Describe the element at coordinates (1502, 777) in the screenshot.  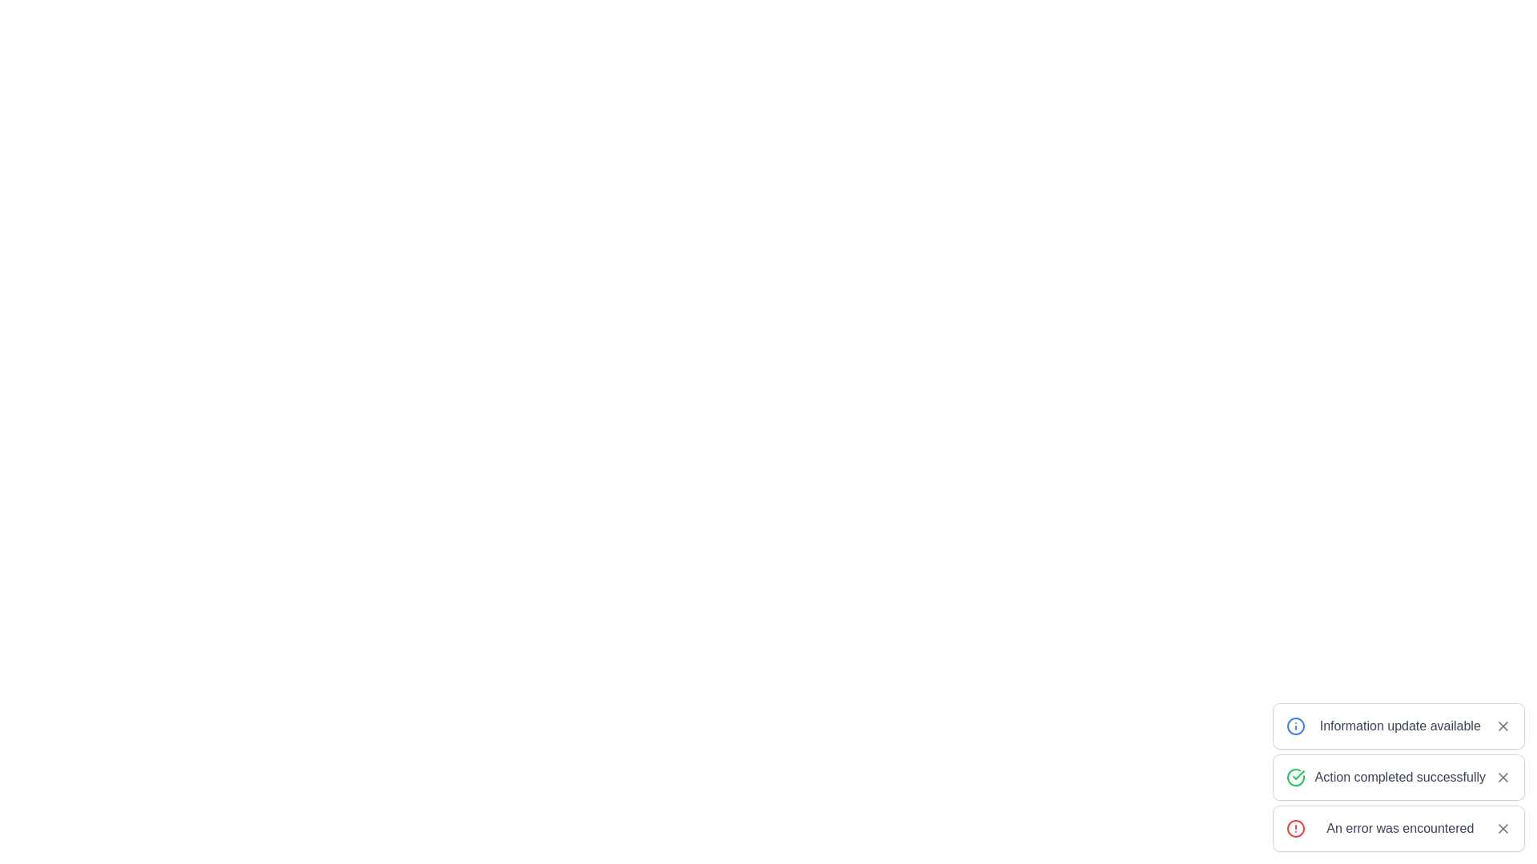
I see `the small 'X' icon` at that location.